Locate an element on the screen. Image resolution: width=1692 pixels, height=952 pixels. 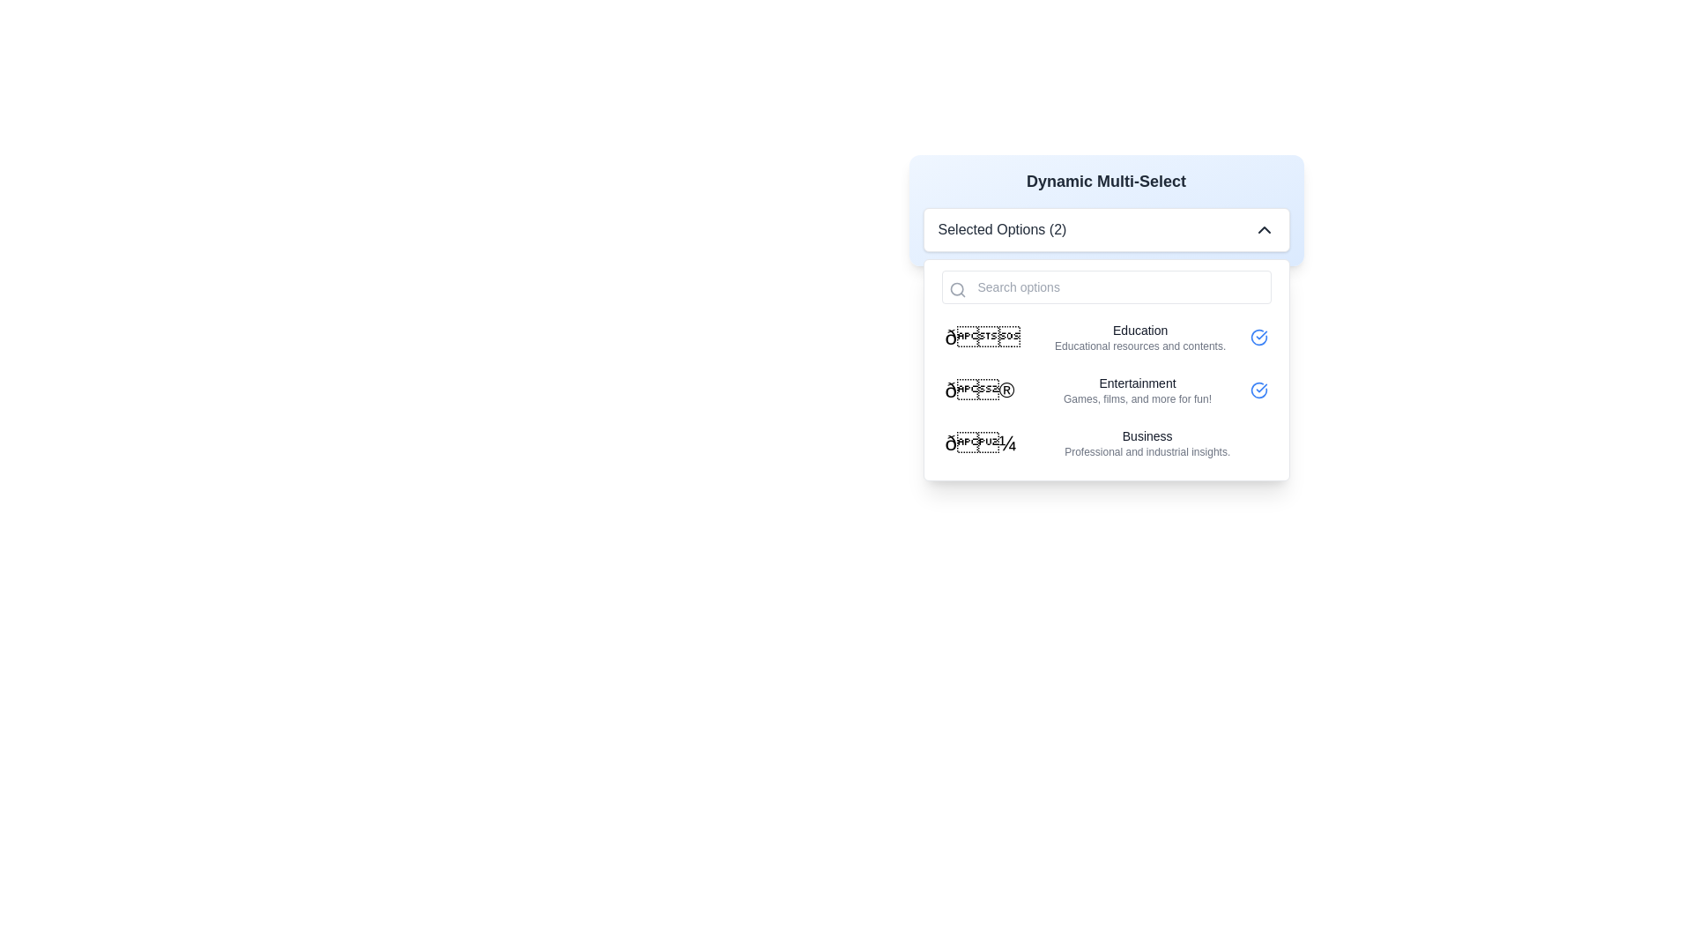
the third selectable list option labeled 'Business' which features an emoji and a description in a dropdown or modal dialog is located at coordinates (1105, 442).